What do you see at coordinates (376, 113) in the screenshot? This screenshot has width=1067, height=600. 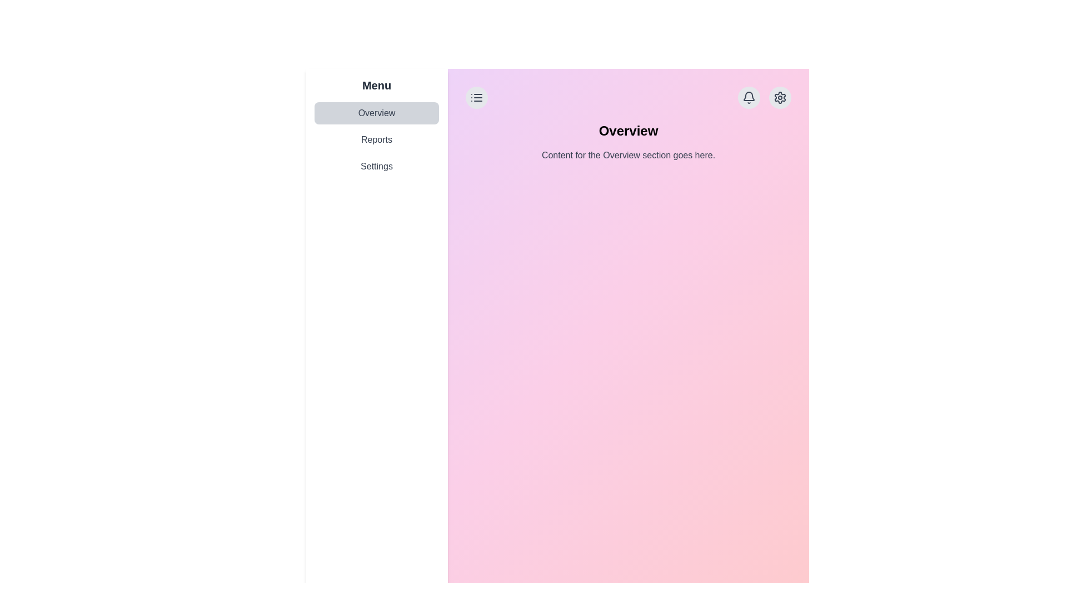 I see `the 'Overview' navigation button located in the left sidebar of the application to change its background color` at bounding box center [376, 113].